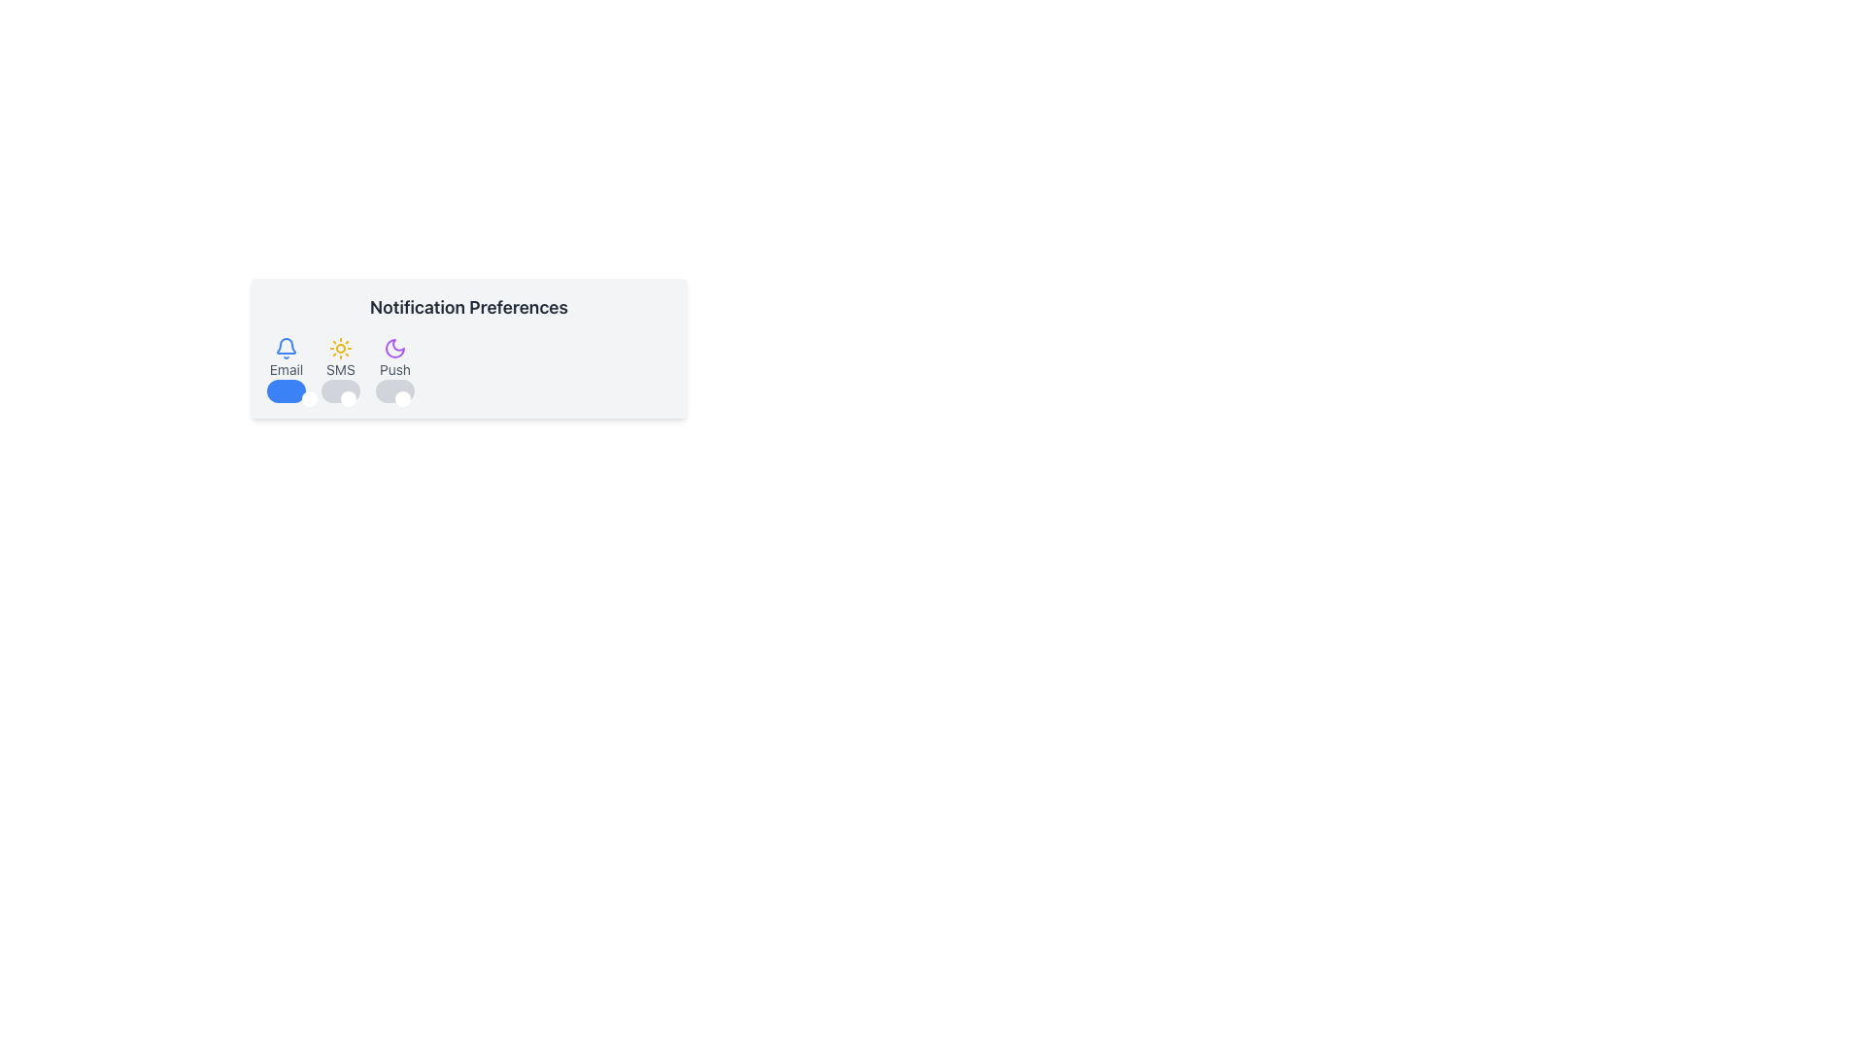 The image size is (1865, 1049). What do you see at coordinates (340, 370) in the screenshot?
I see `the Notification Preference Toggle for SMS` at bounding box center [340, 370].